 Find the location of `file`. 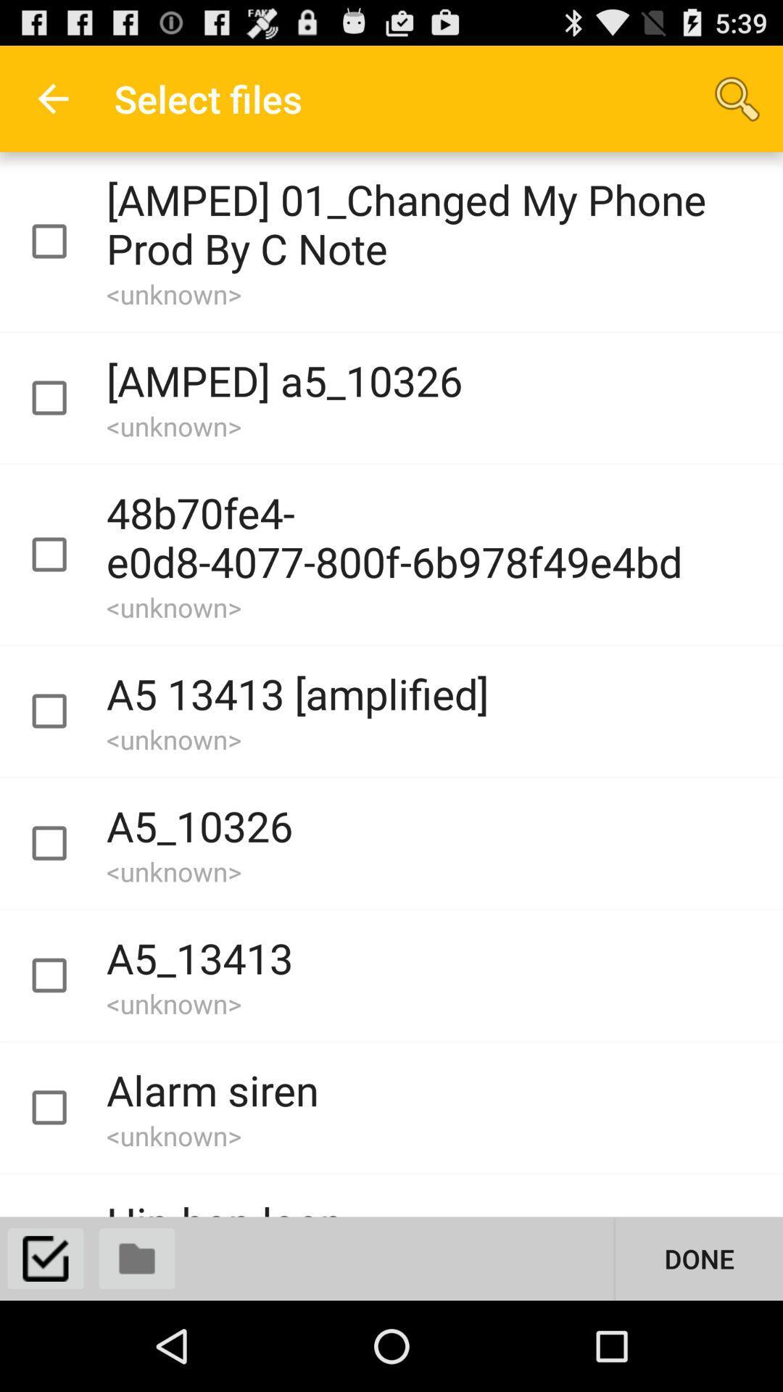

file is located at coordinates (62, 843).